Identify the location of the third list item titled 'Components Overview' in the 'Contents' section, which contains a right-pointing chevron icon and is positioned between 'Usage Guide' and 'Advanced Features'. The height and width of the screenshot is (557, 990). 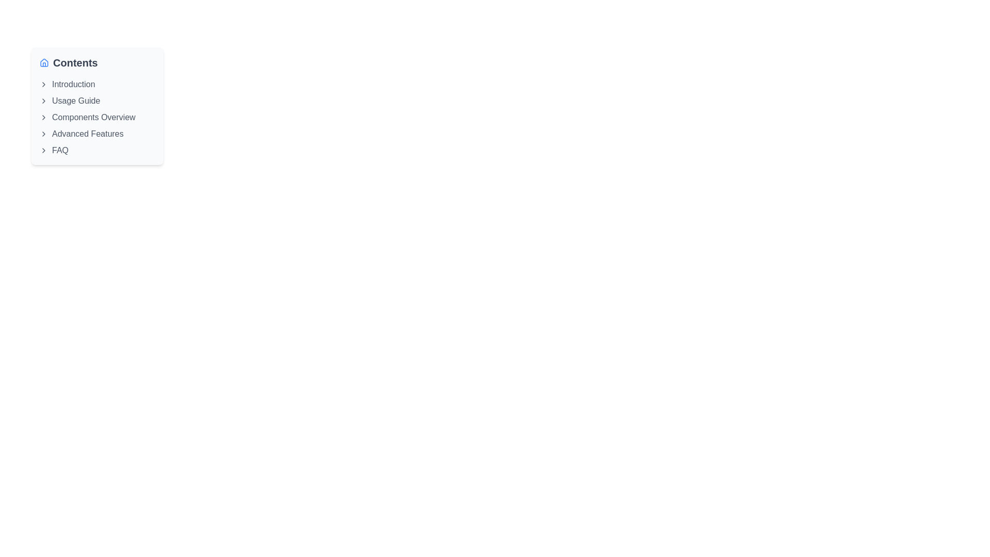
(97, 117).